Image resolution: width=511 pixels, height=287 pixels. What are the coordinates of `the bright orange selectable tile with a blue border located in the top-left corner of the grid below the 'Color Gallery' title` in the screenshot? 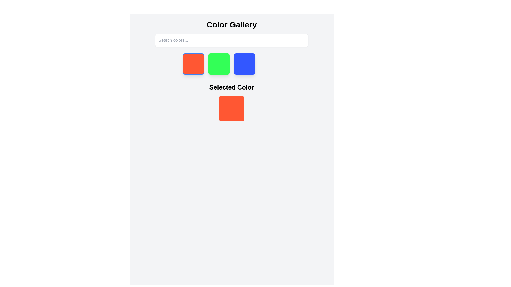 It's located at (193, 64).